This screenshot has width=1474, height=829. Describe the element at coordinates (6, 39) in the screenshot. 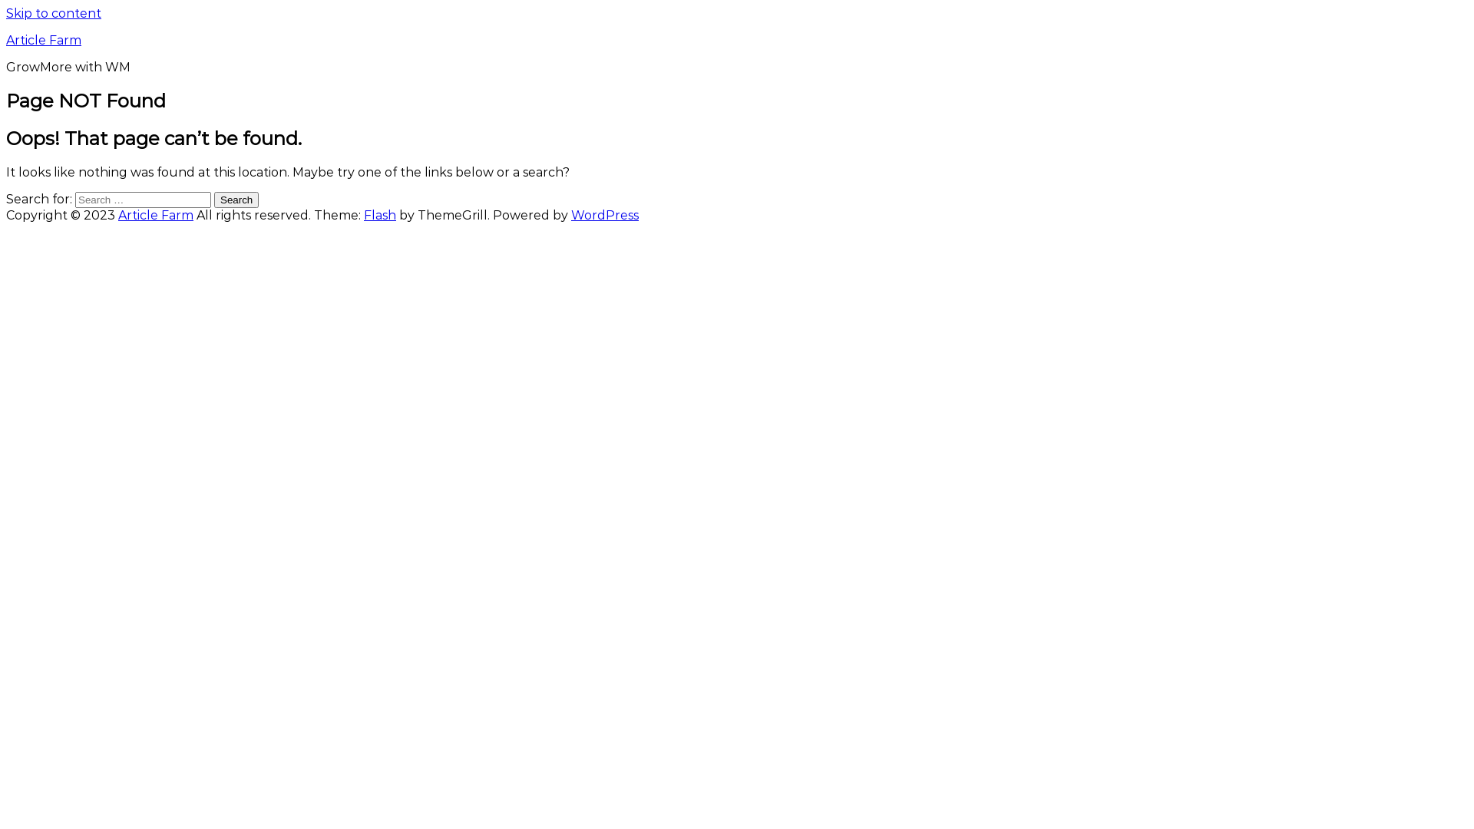

I see `'Article Farm'` at that location.